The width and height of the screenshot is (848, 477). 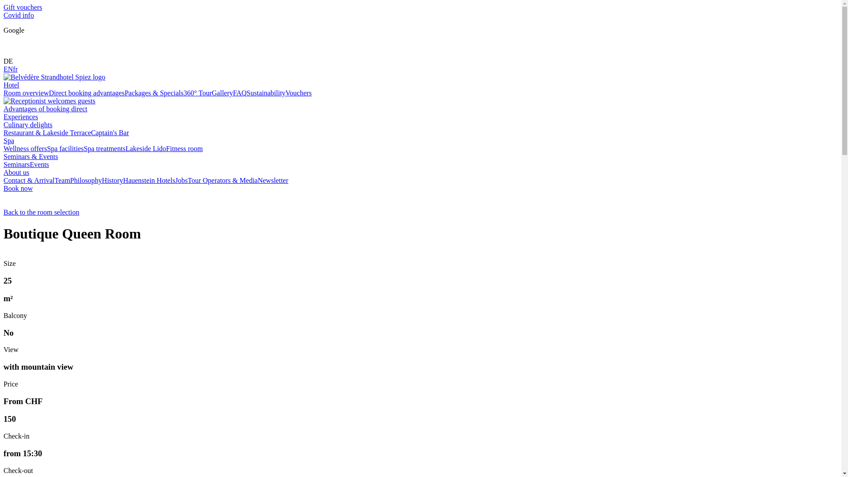 What do you see at coordinates (4, 180) in the screenshot?
I see `'Contact & Arrival'` at bounding box center [4, 180].